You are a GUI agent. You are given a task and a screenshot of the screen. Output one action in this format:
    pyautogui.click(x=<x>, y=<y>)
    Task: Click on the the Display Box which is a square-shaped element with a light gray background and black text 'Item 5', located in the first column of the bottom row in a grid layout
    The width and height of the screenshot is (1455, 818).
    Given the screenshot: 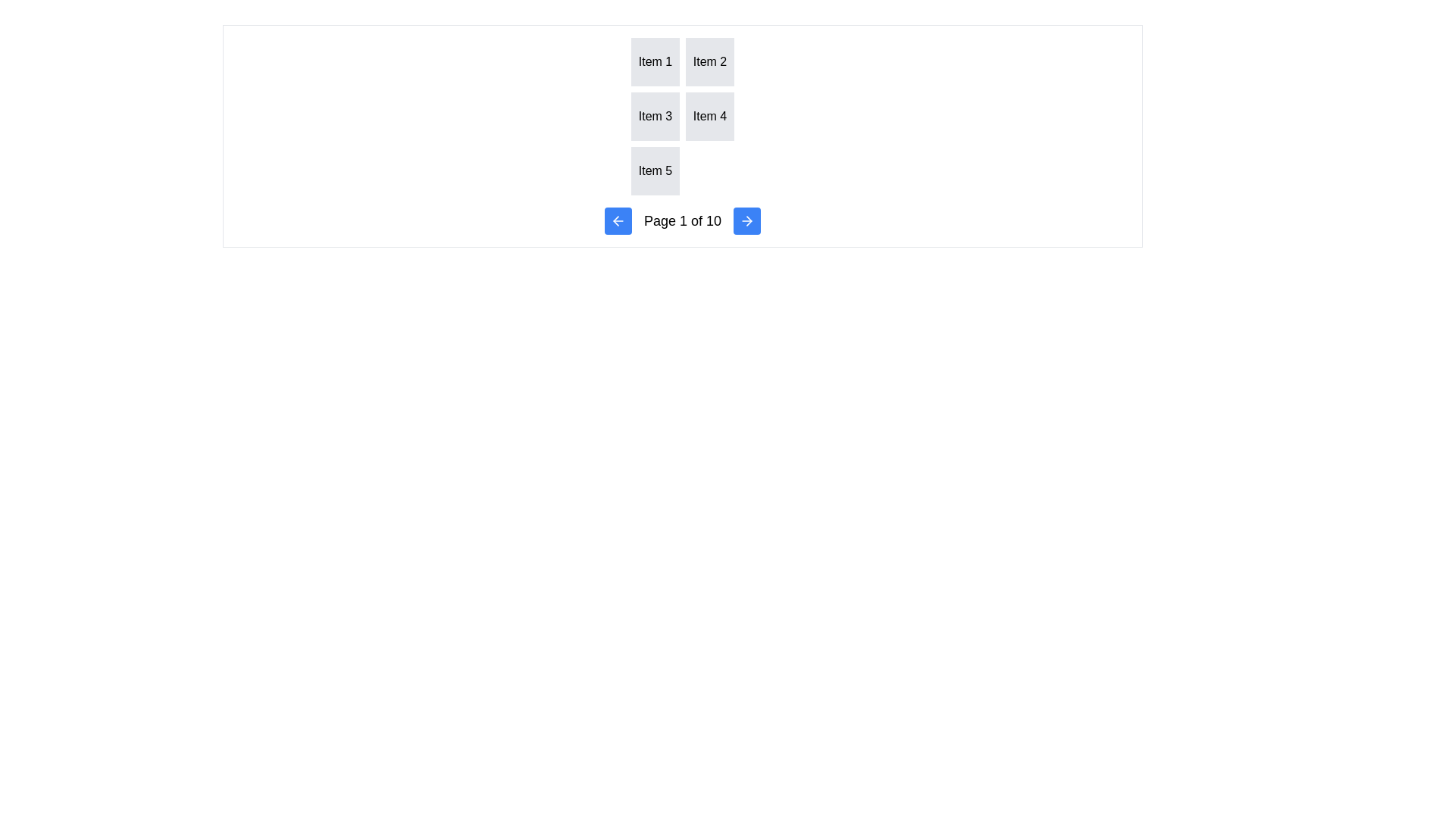 What is the action you would take?
    pyautogui.click(x=655, y=170)
    